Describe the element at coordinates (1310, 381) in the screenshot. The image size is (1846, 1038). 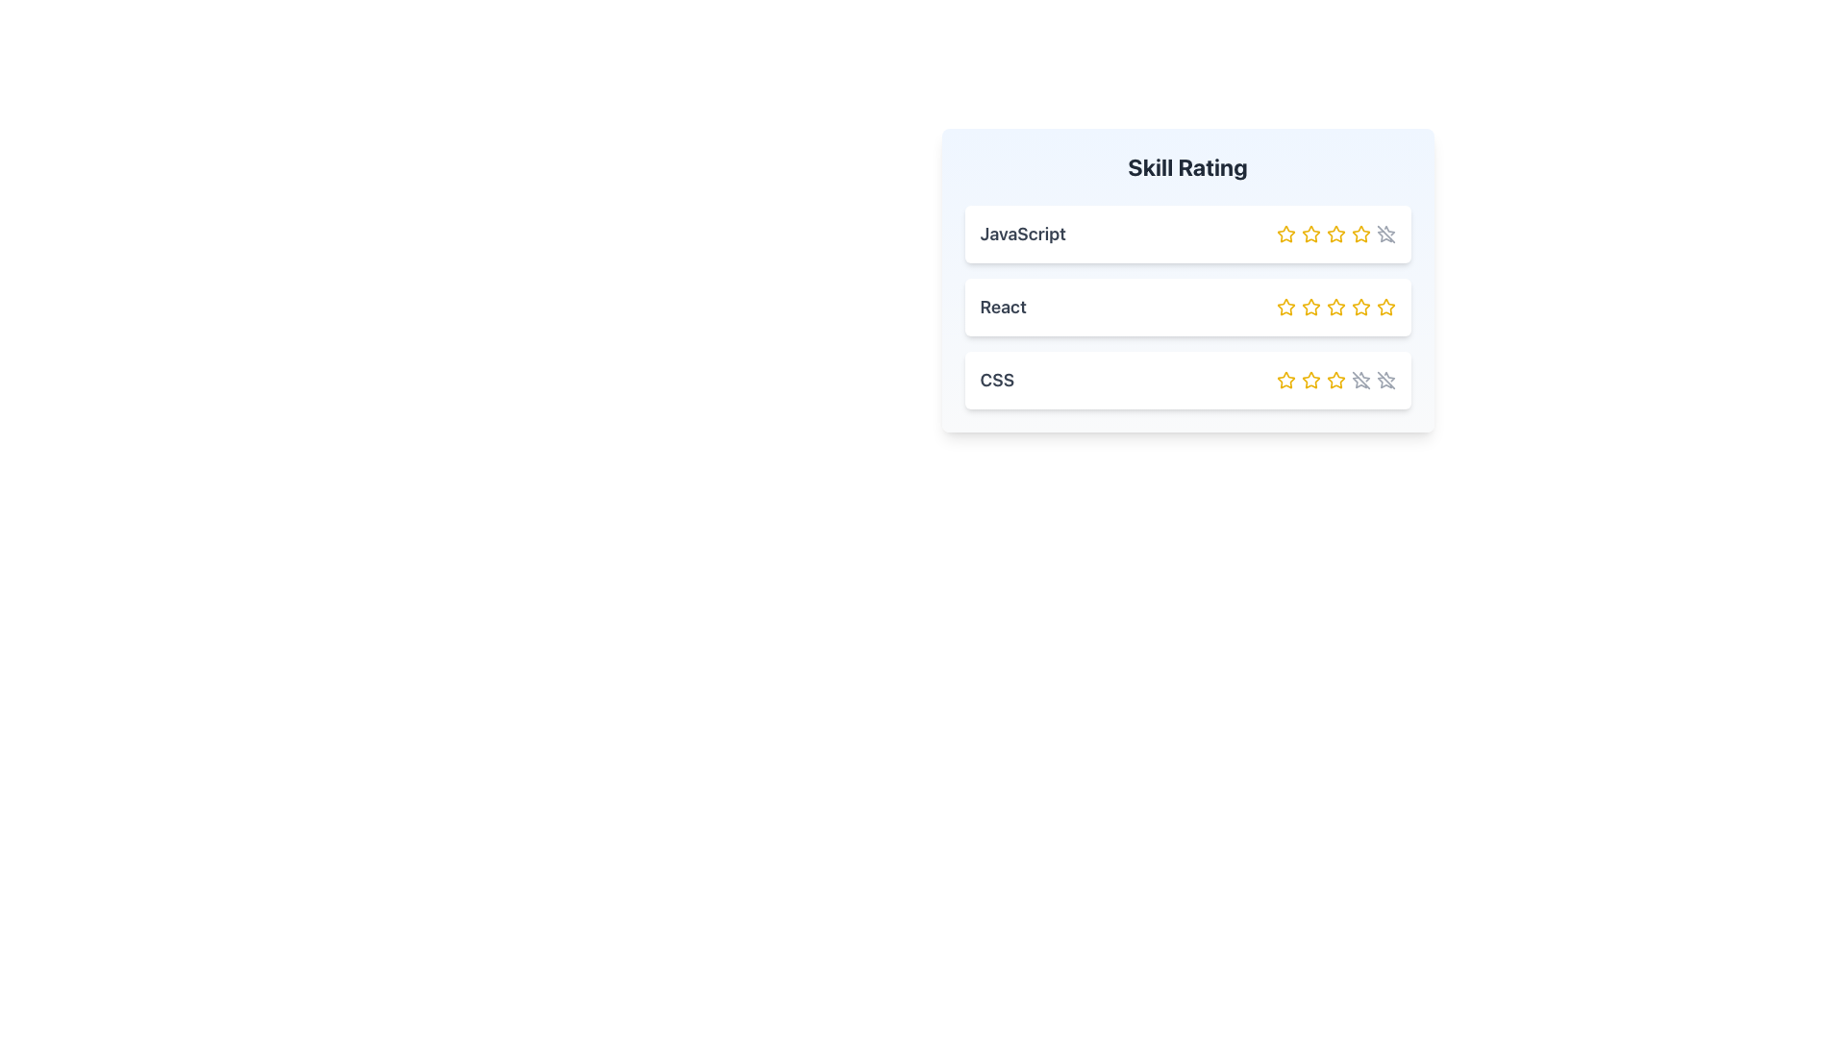
I see `the second star in the Skill Rating section to rate CSS as 2` at that location.